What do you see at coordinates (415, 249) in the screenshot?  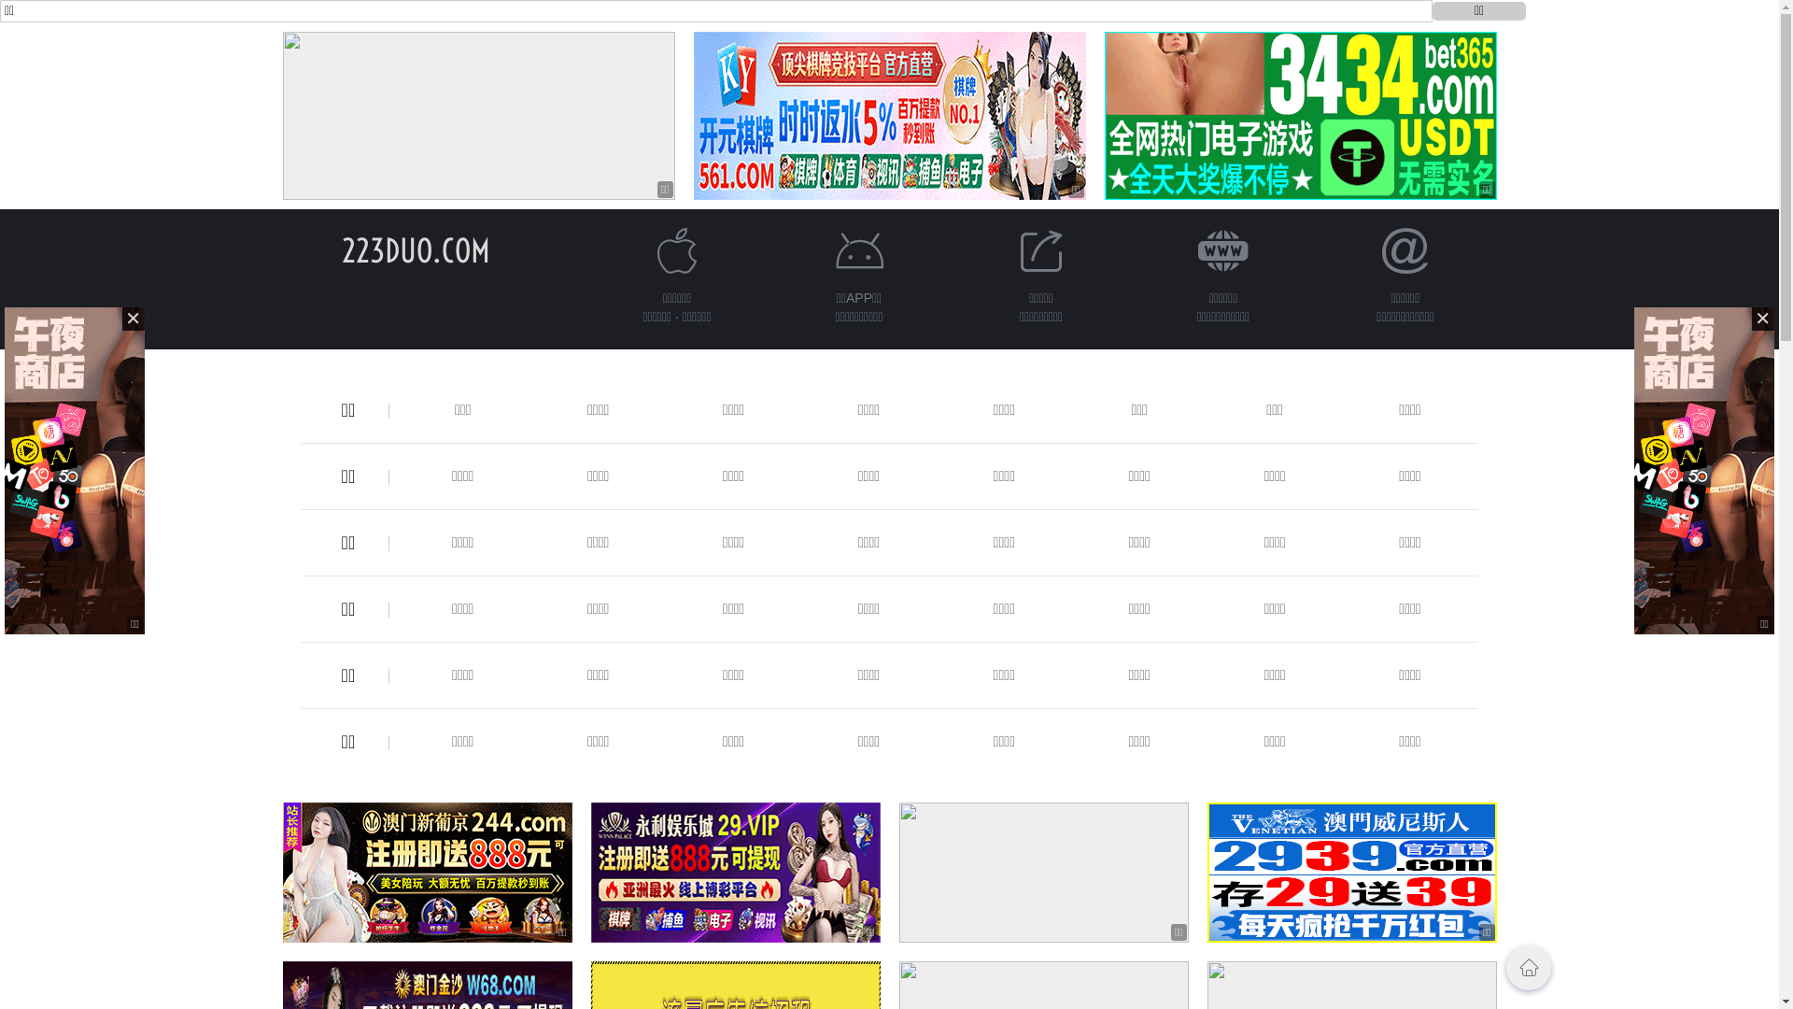 I see `'223DUO.COM'` at bounding box center [415, 249].